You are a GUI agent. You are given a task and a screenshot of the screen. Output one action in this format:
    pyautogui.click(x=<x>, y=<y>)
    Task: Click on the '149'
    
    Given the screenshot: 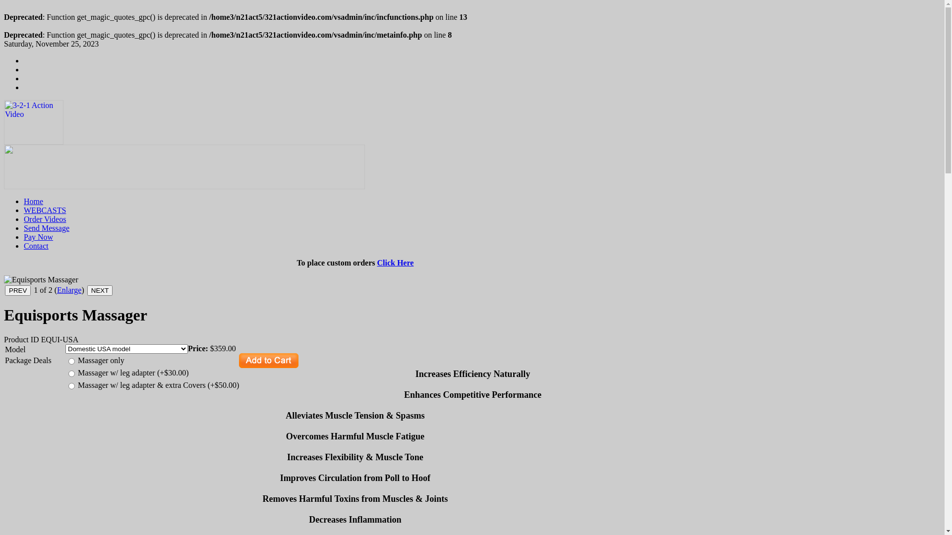 What is the action you would take?
    pyautogui.click(x=71, y=385)
    